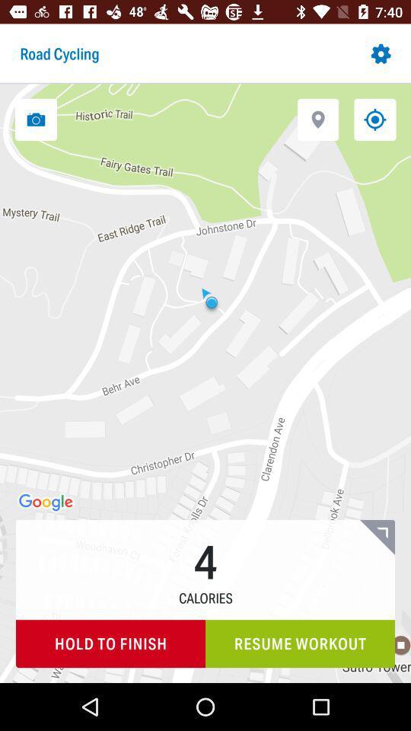 The image size is (411, 731). I want to click on the icon to the right of the hold to finish item, so click(300, 643).